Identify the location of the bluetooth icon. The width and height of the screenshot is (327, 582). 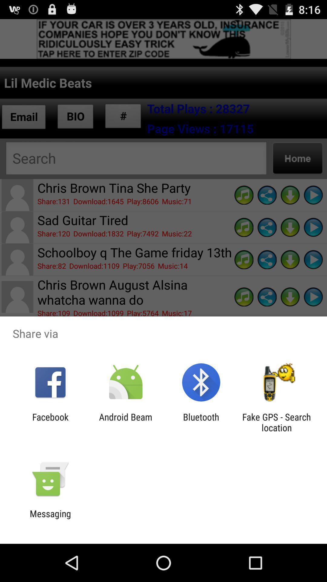
(201, 422).